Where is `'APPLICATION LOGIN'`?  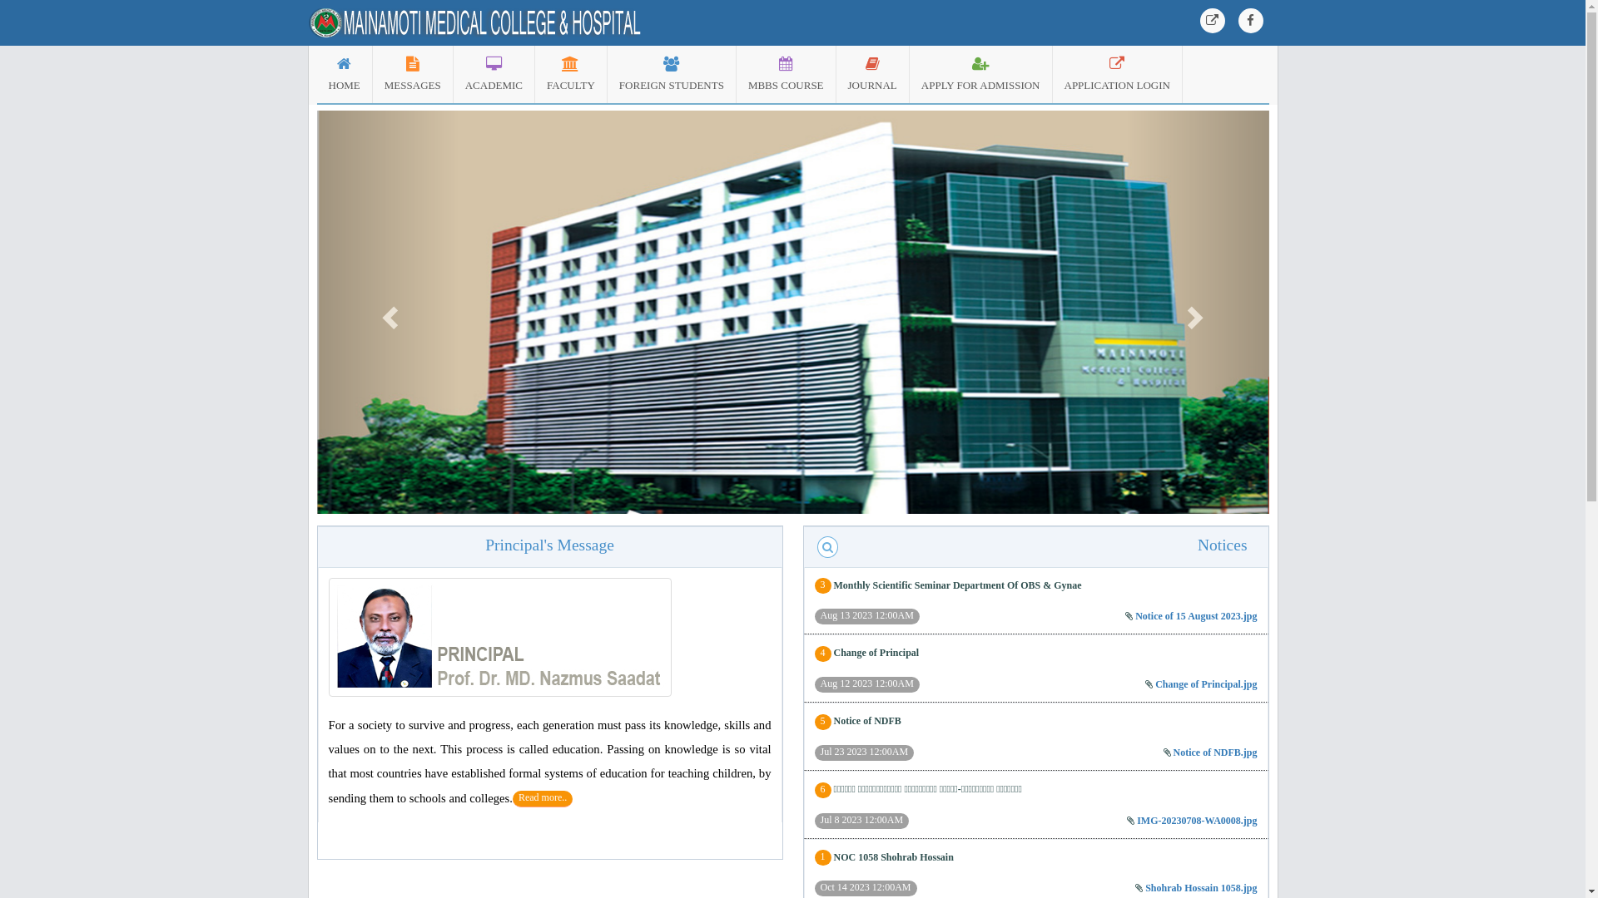 'APPLICATION LOGIN' is located at coordinates (1116, 73).